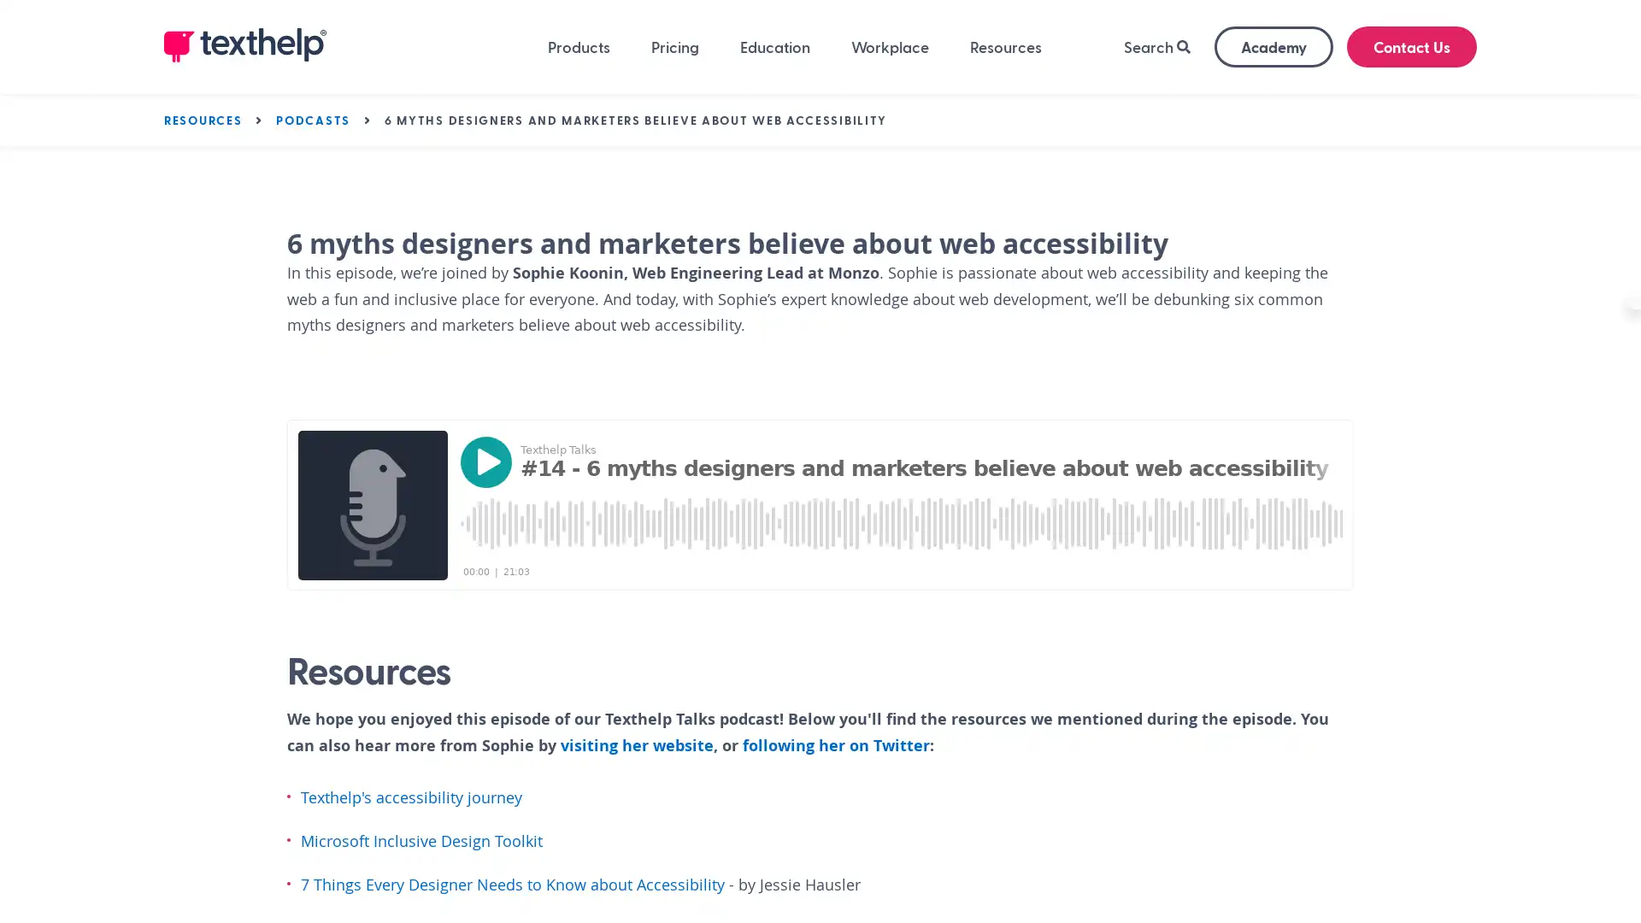 This screenshot has width=1641, height=923. I want to click on site search, so click(1340, 132).